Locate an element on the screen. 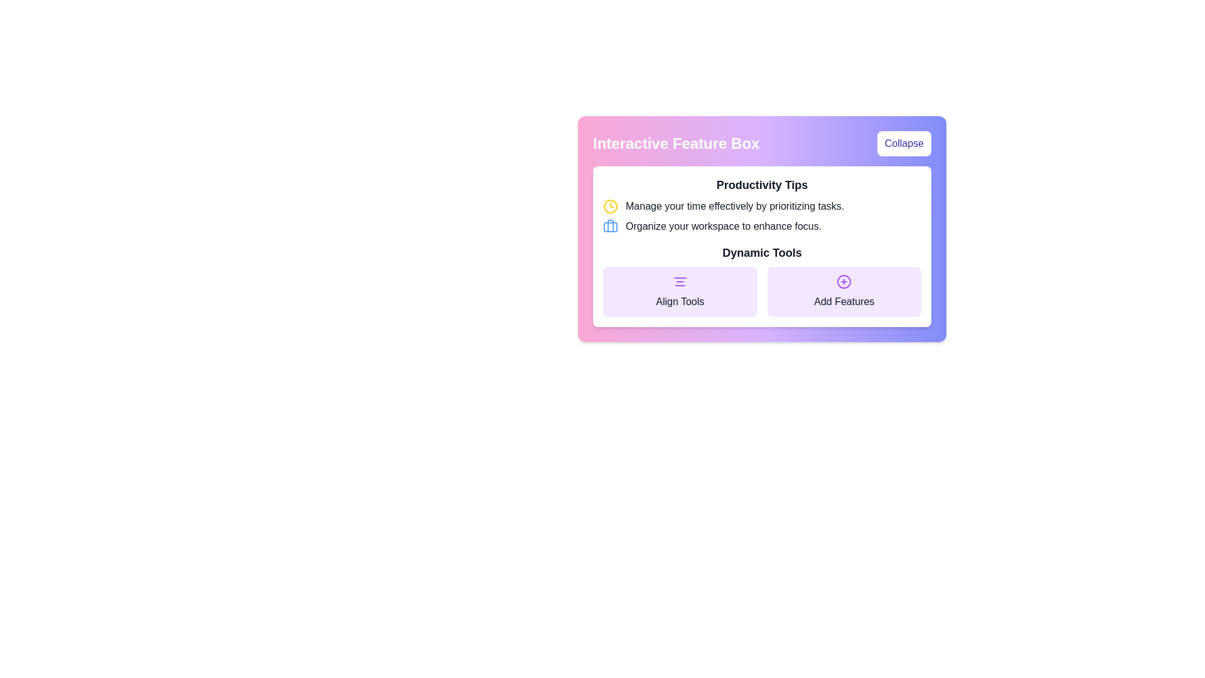  the left button in the 'Dynamic Tools' section is located at coordinates (679, 292).